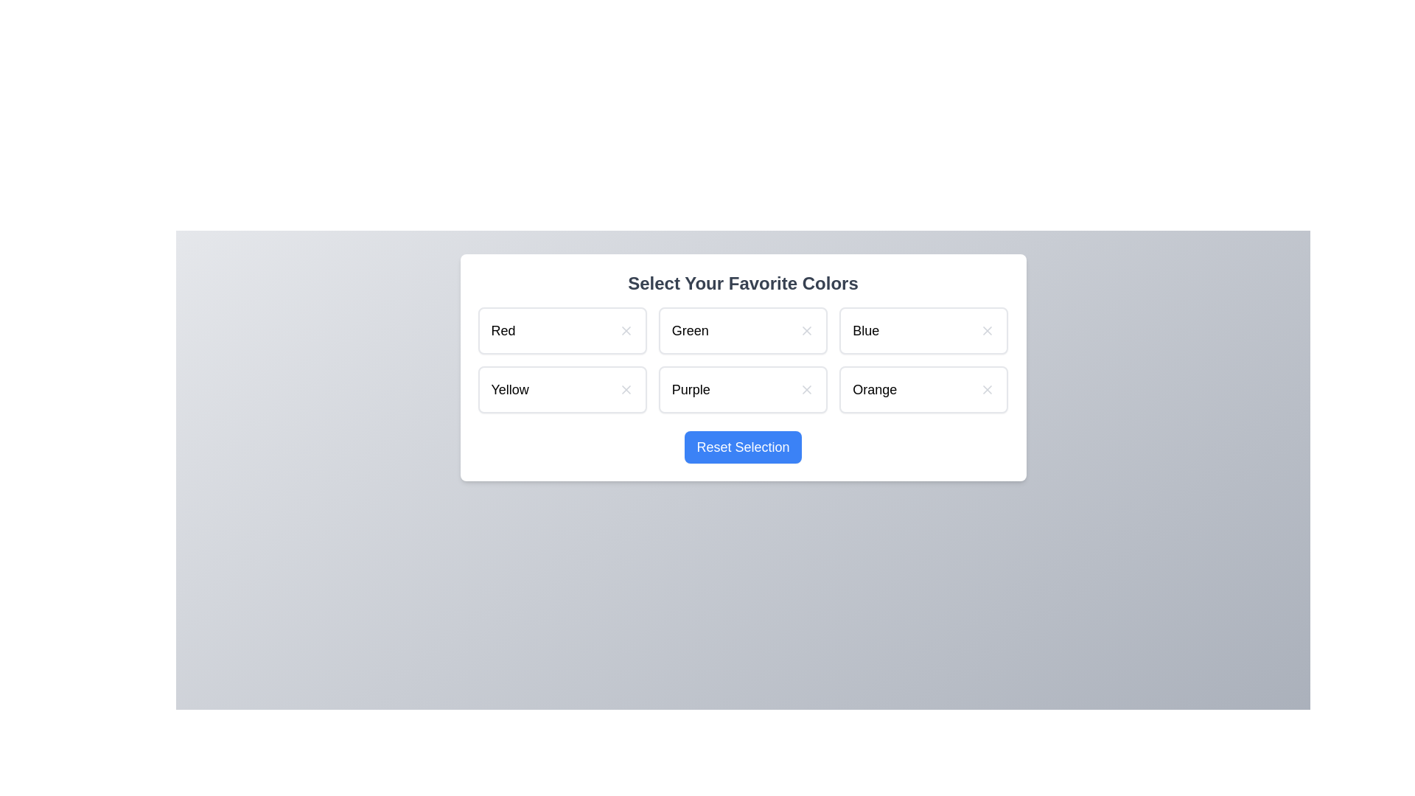 This screenshot has height=796, width=1415. Describe the element at coordinates (562, 329) in the screenshot. I see `the color item Red to observe its hover effect` at that location.